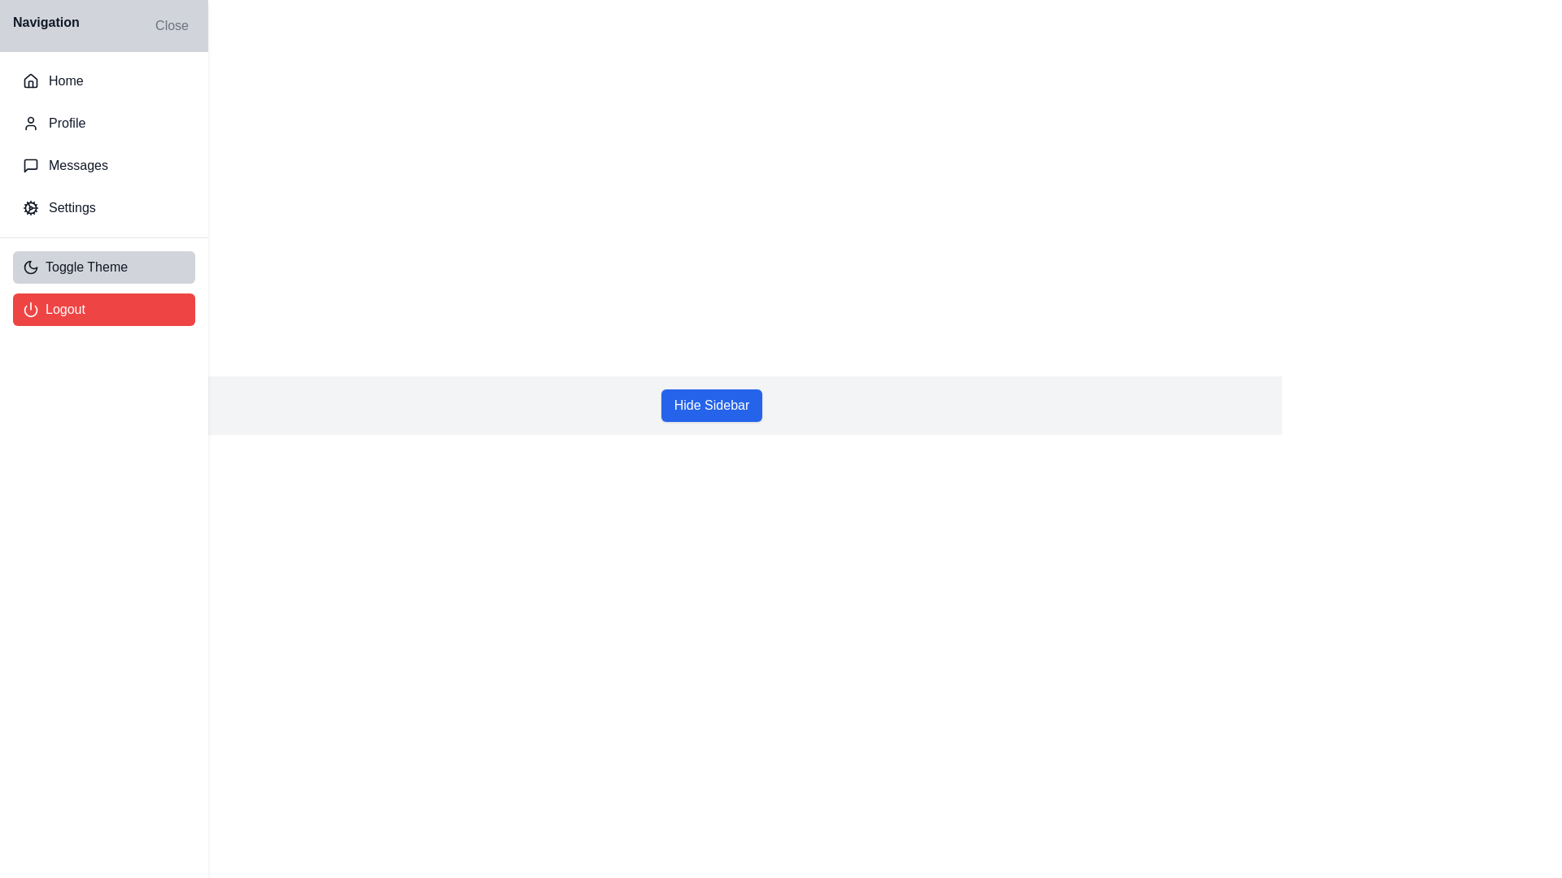  What do you see at coordinates (172, 25) in the screenshot?
I see `the 'Close' button, which is a text-based button styled with a gray color scheme and positioned to the far right of the 'Navigation' title in the header area` at bounding box center [172, 25].